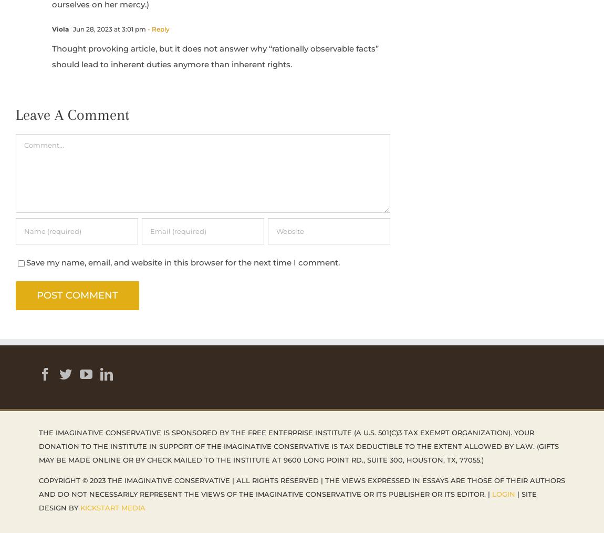 This screenshot has height=533, width=604. I want to click on 'Login', so click(503, 493).